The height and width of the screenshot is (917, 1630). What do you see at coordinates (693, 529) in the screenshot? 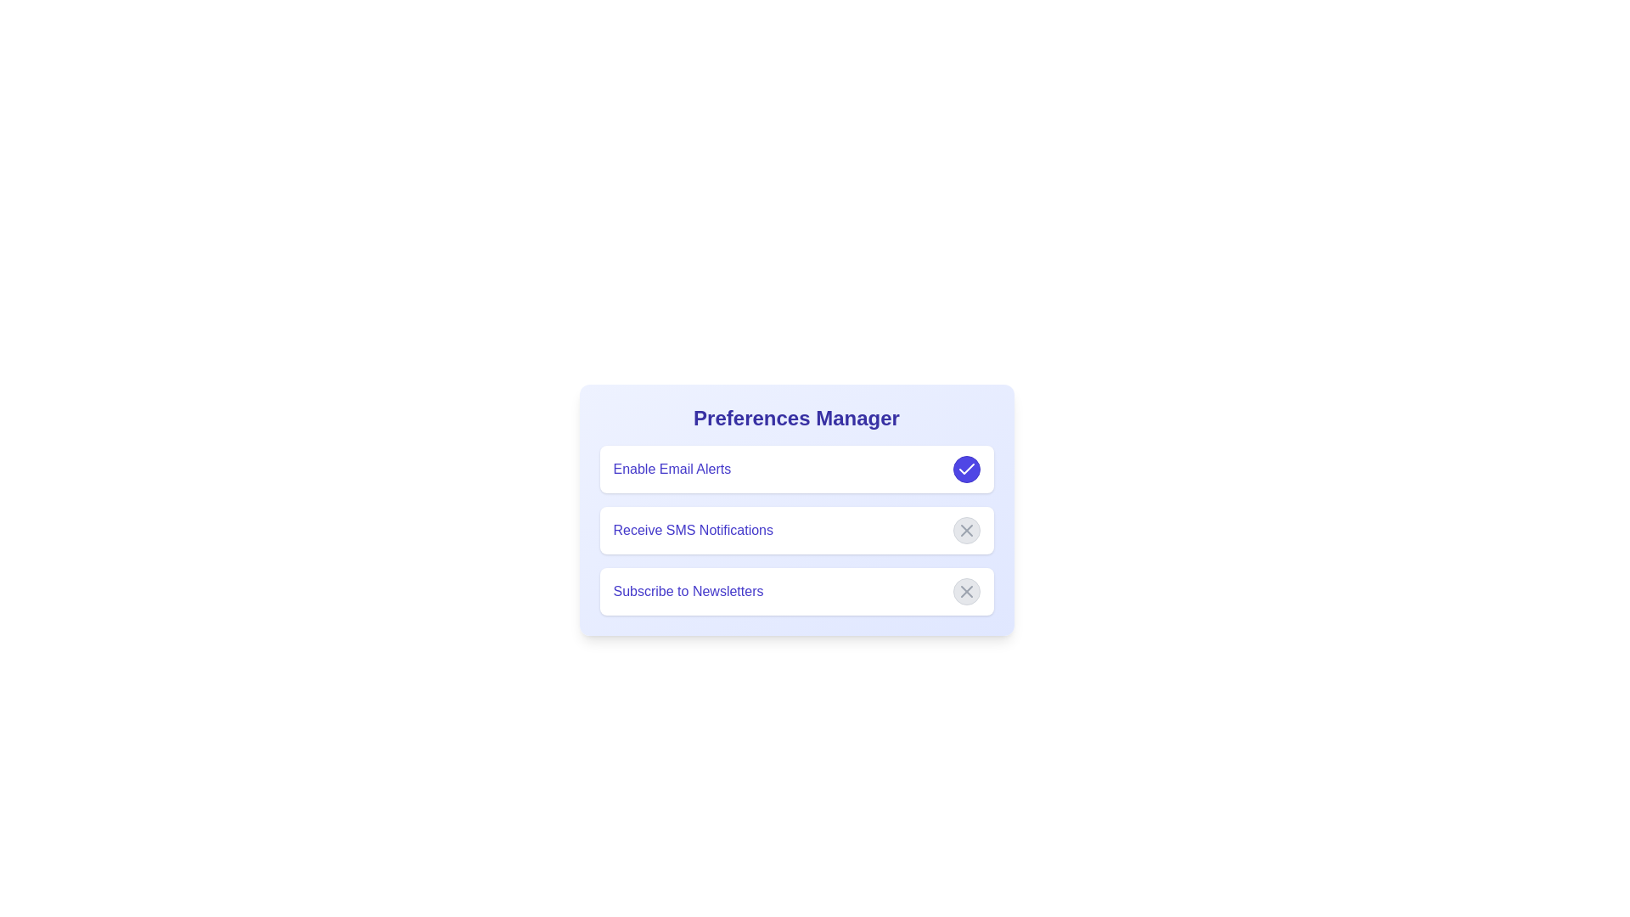
I see `the text label stating 'Receive SMS Notifications', which is styled with indigo text color and medium weight font, positioned between 'Enable Email Alerts' and 'Subscribe to Newsletters'` at bounding box center [693, 529].